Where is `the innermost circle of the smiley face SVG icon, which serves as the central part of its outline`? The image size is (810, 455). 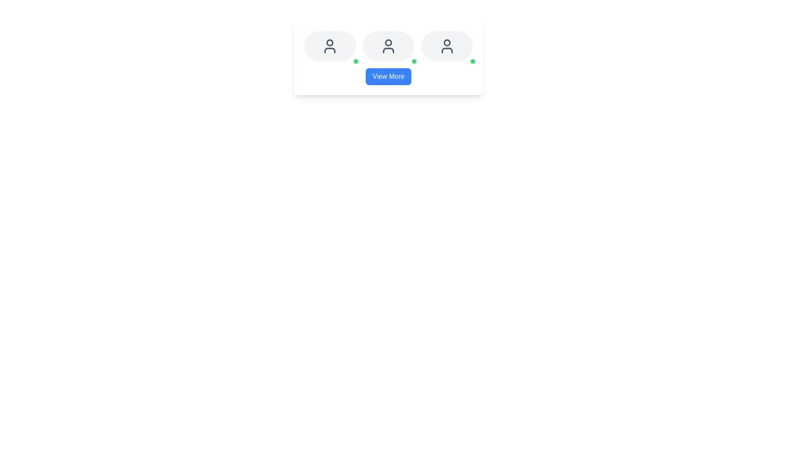 the innermost circle of the smiley face SVG icon, which serves as the central part of its outline is located at coordinates (414, 61).